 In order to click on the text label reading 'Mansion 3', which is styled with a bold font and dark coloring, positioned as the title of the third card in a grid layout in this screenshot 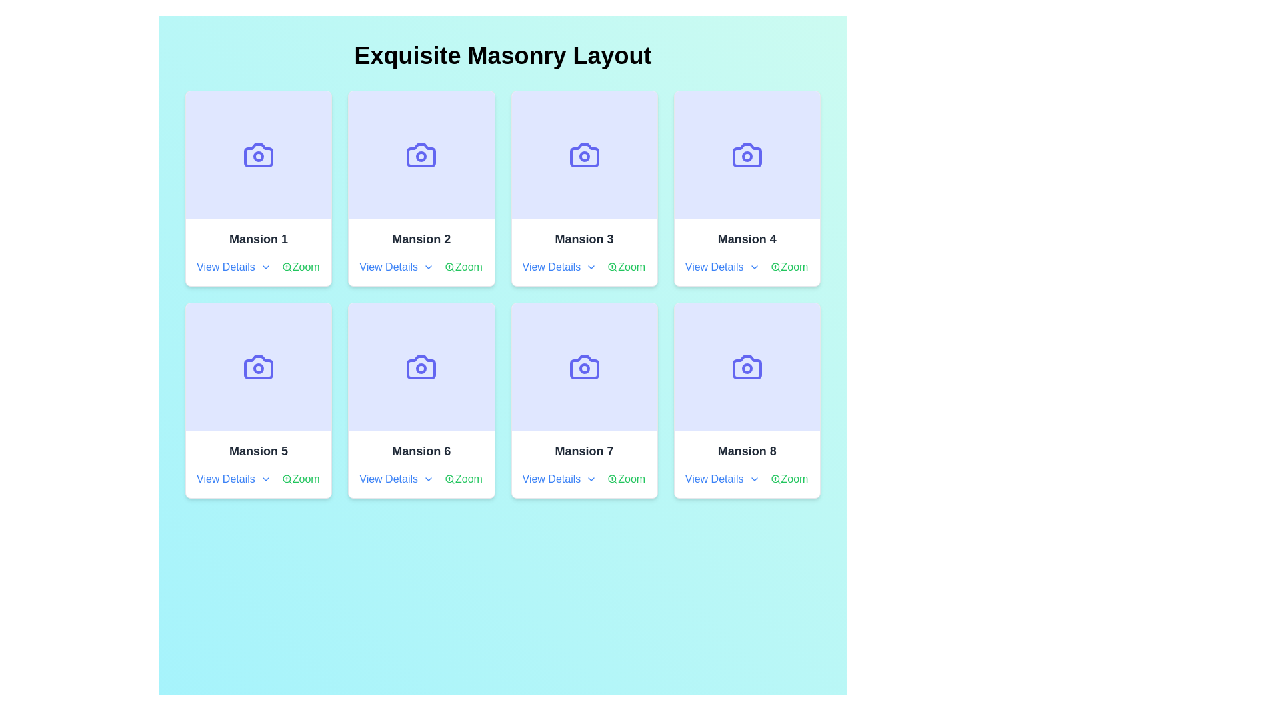, I will do `click(584, 238)`.